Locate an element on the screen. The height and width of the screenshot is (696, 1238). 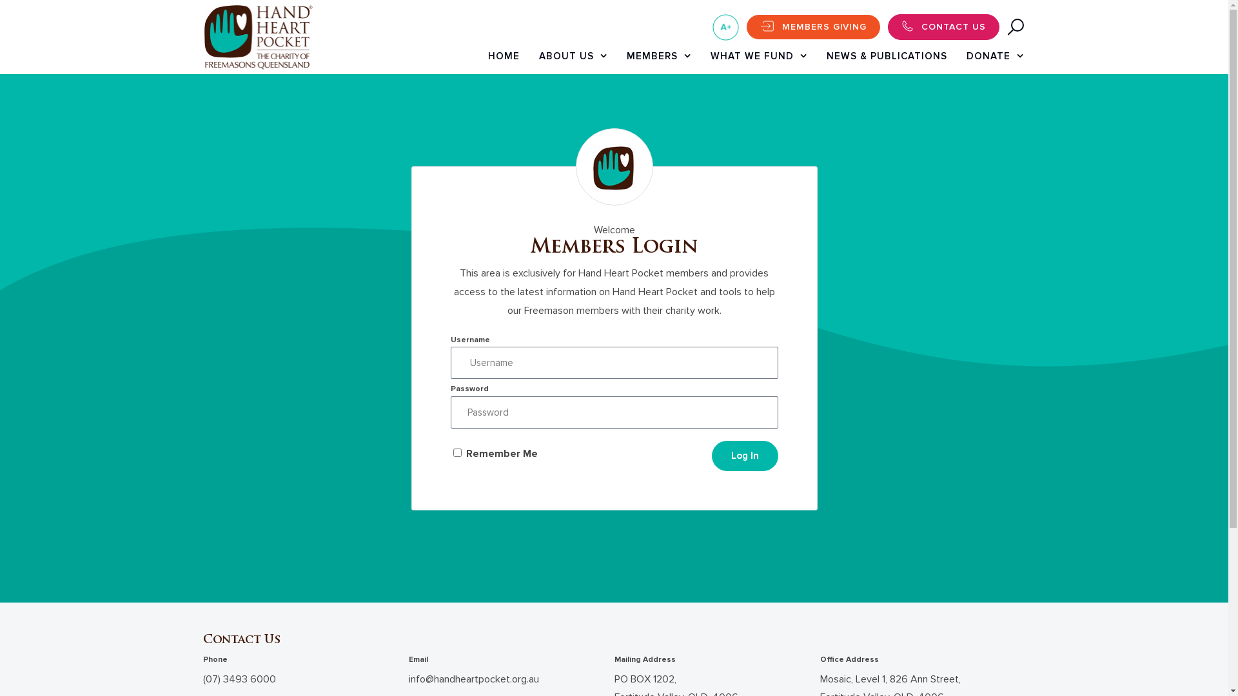
'DONATE' is located at coordinates (994, 59).